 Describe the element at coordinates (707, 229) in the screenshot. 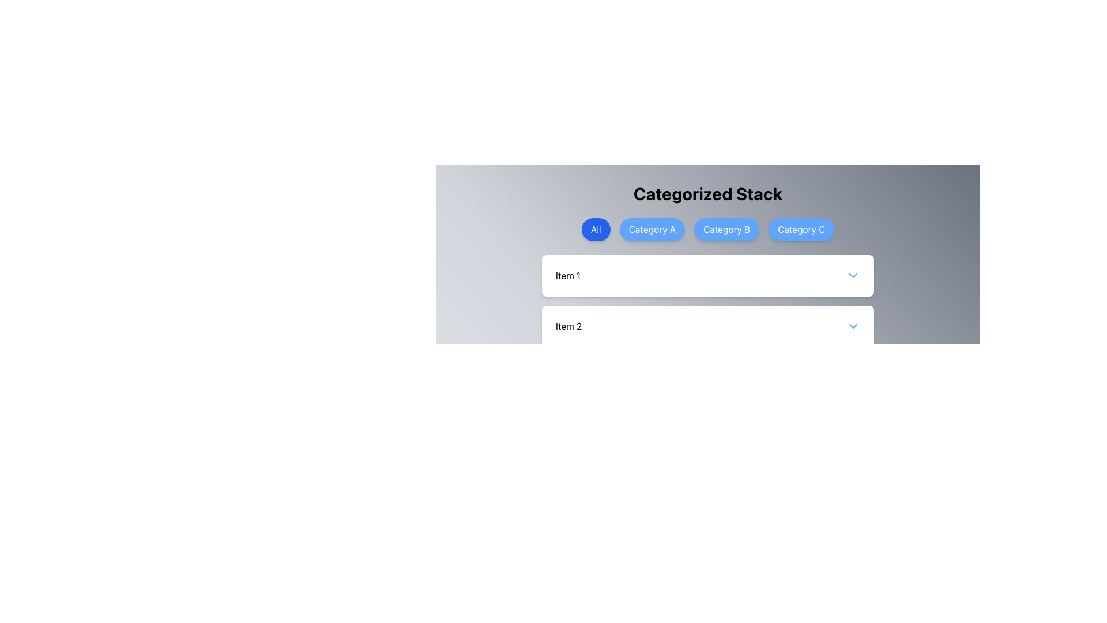

I see `the third button` at that location.